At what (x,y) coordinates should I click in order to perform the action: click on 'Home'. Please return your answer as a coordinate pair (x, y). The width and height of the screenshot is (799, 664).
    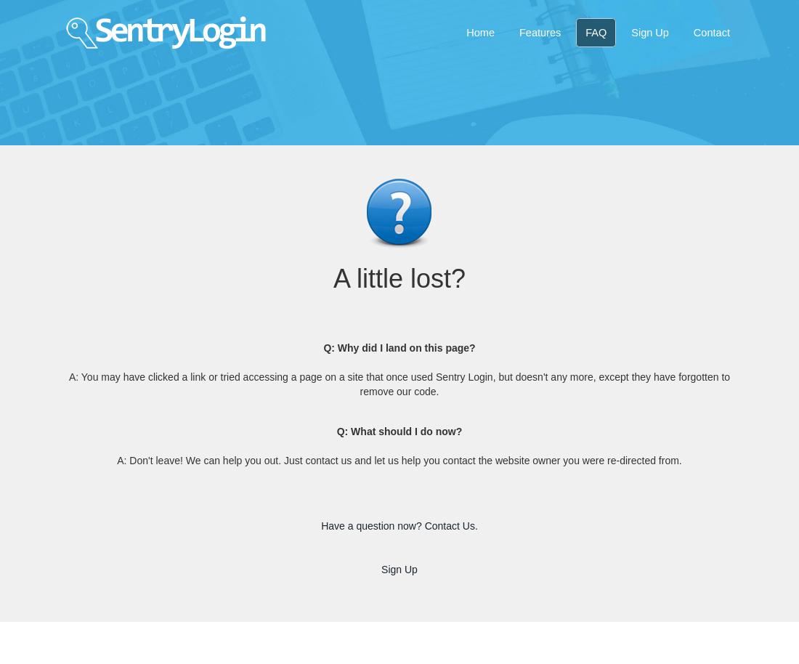
    Looking at the image, I should click on (466, 32).